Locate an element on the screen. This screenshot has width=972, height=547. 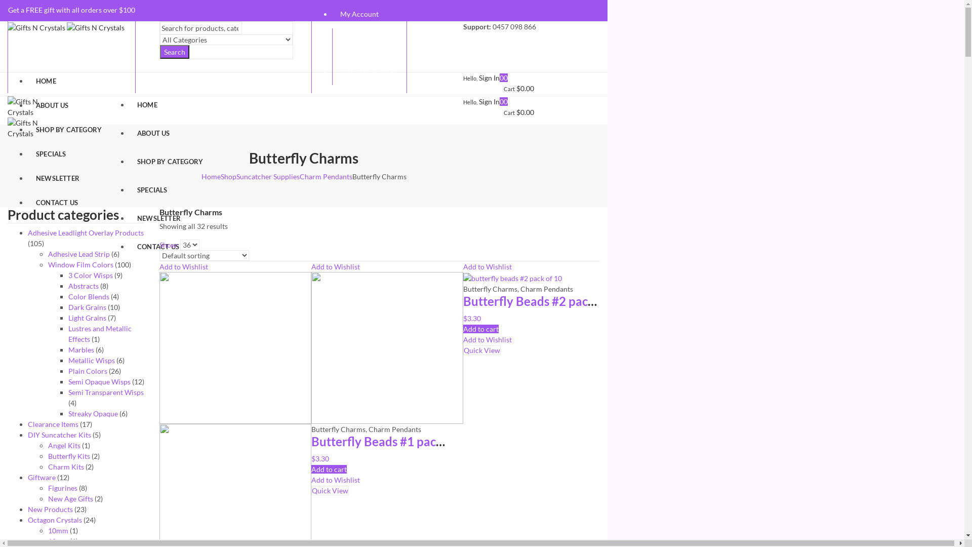
'Figurines' is located at coordinates (62, 487).